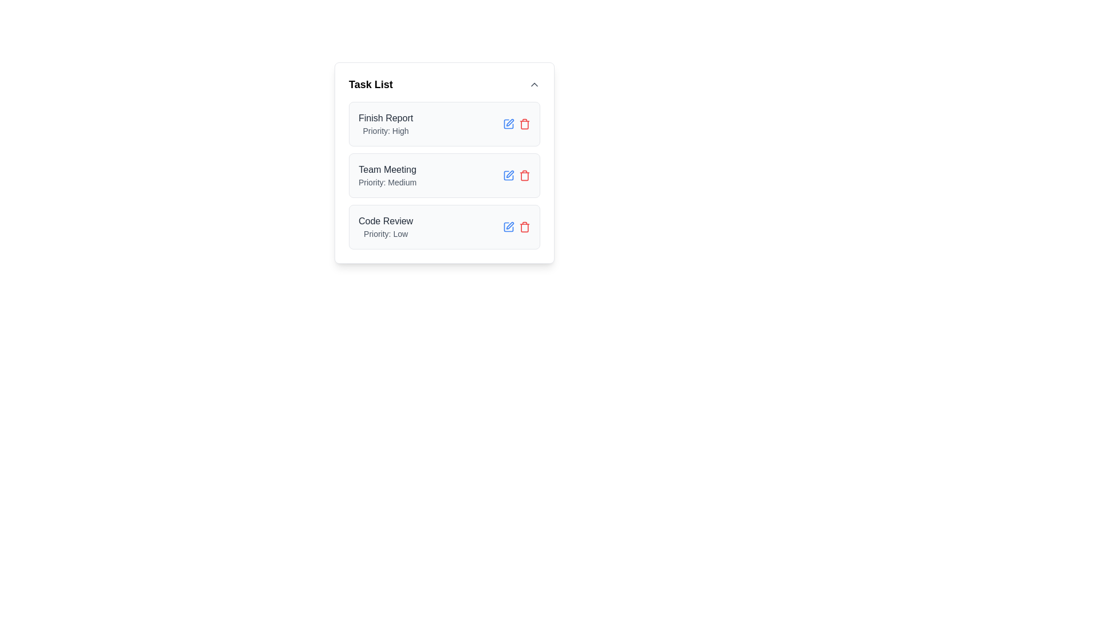 Image resolution: width=1100 pixels, height=618 pixels. What do you see at coordinates (387, 182) in the screenshot?
I see `the text label displaying 'Priority: Medium', which is styled in gray and located directly below 'Team Meeting' in the second task card of the vertical task list` at bounding box center [387, 182].